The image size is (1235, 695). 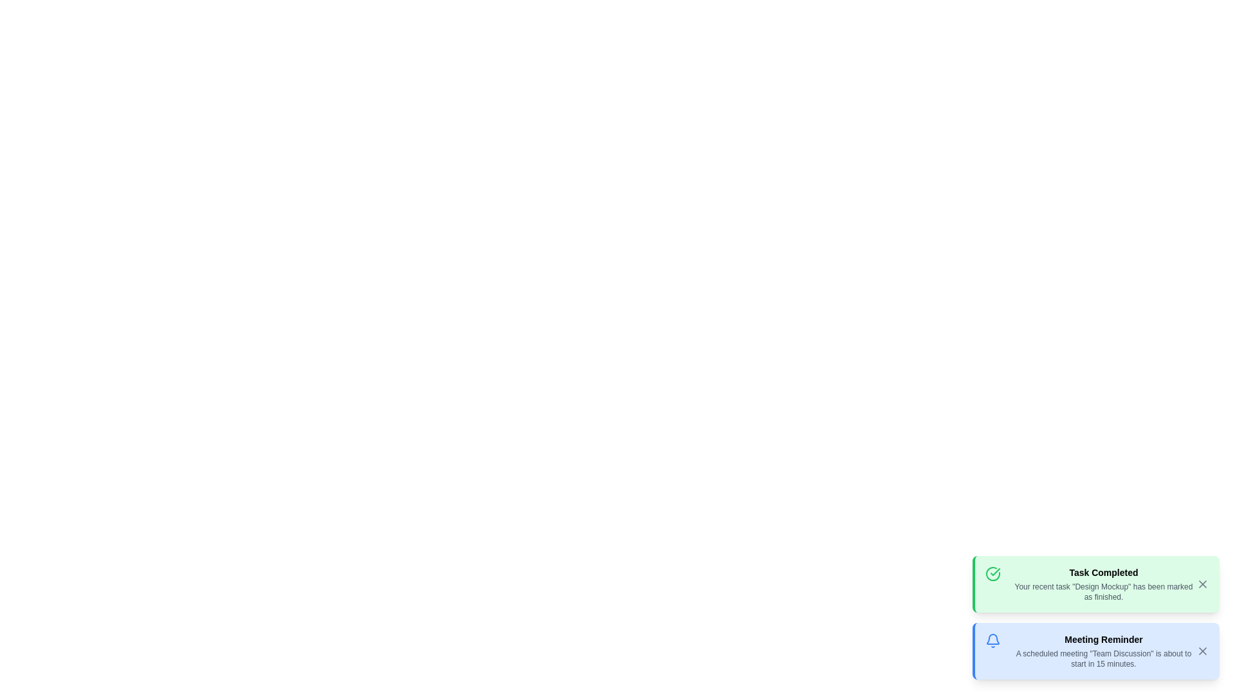 What do you see at coordinates (993, 573) in the screenshot?
I see `the notification icon to identify its type` at bounding box center [993, 573].